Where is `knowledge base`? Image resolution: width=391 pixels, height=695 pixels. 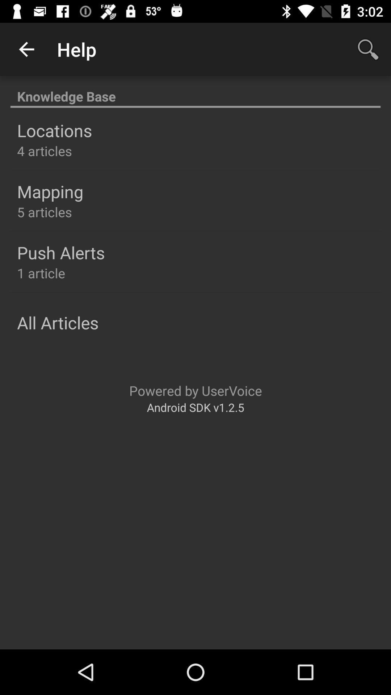
knowledge base is located at coordinates (195, 92).